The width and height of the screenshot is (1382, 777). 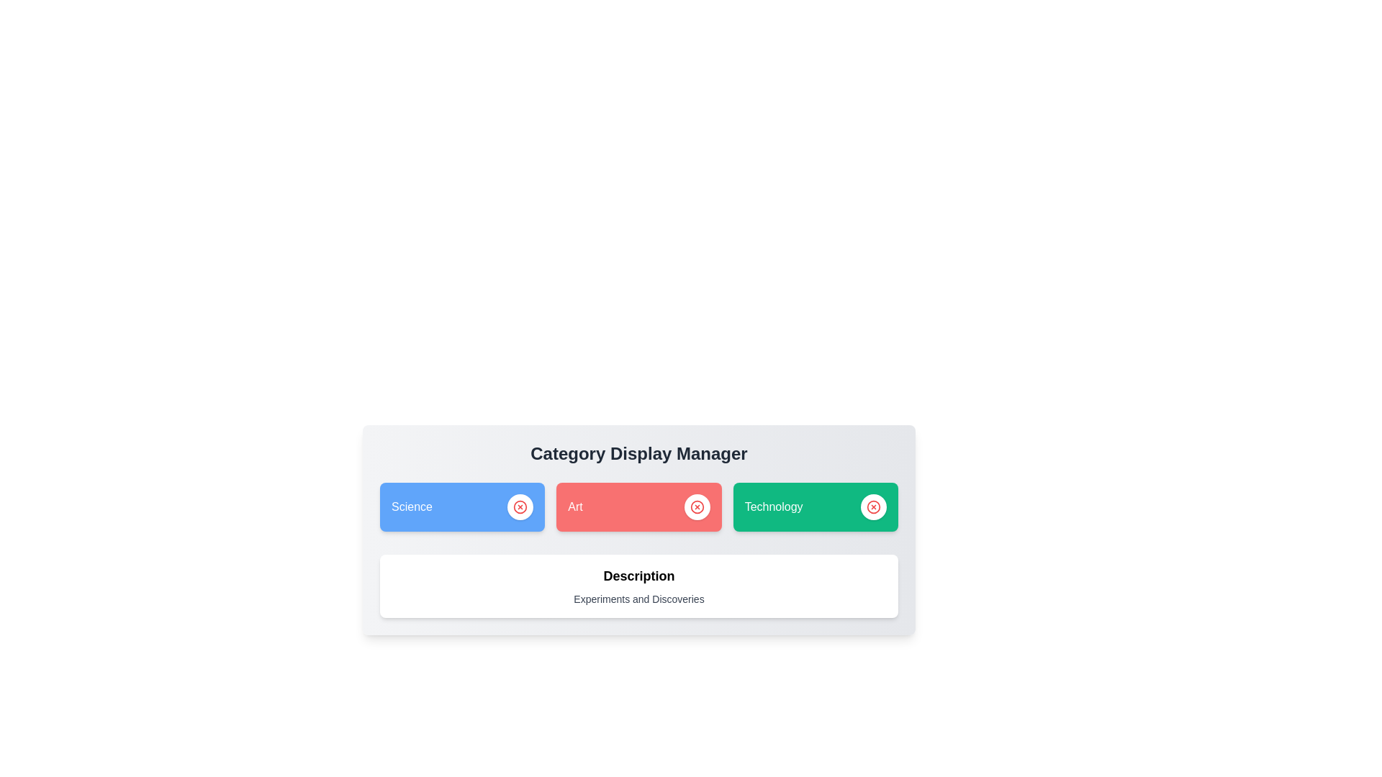 What do you see at coordinates (462, 506) in the screenshot?
I see `the category Science to display its description` at bounding box center [462, 506].